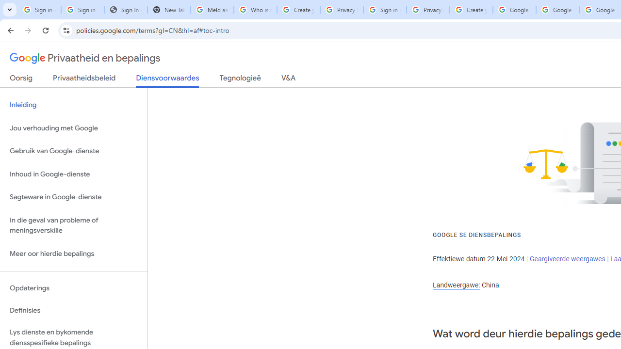 This screenshot has width=621, height=349. I want to click on 'In die geval van probleme of meningsverskille', so click(73, 225).